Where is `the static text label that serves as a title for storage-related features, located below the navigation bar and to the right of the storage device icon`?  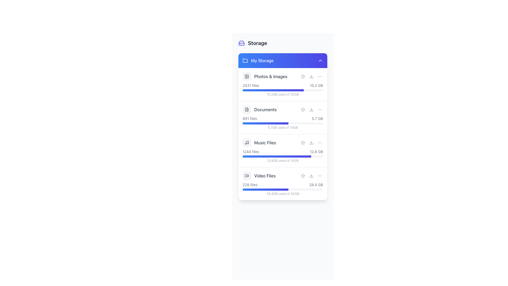
the static text label that serves as a title for storage-related features, located below the navigation bar and to the right of the storage device icon is located at coordinates (257, 43).